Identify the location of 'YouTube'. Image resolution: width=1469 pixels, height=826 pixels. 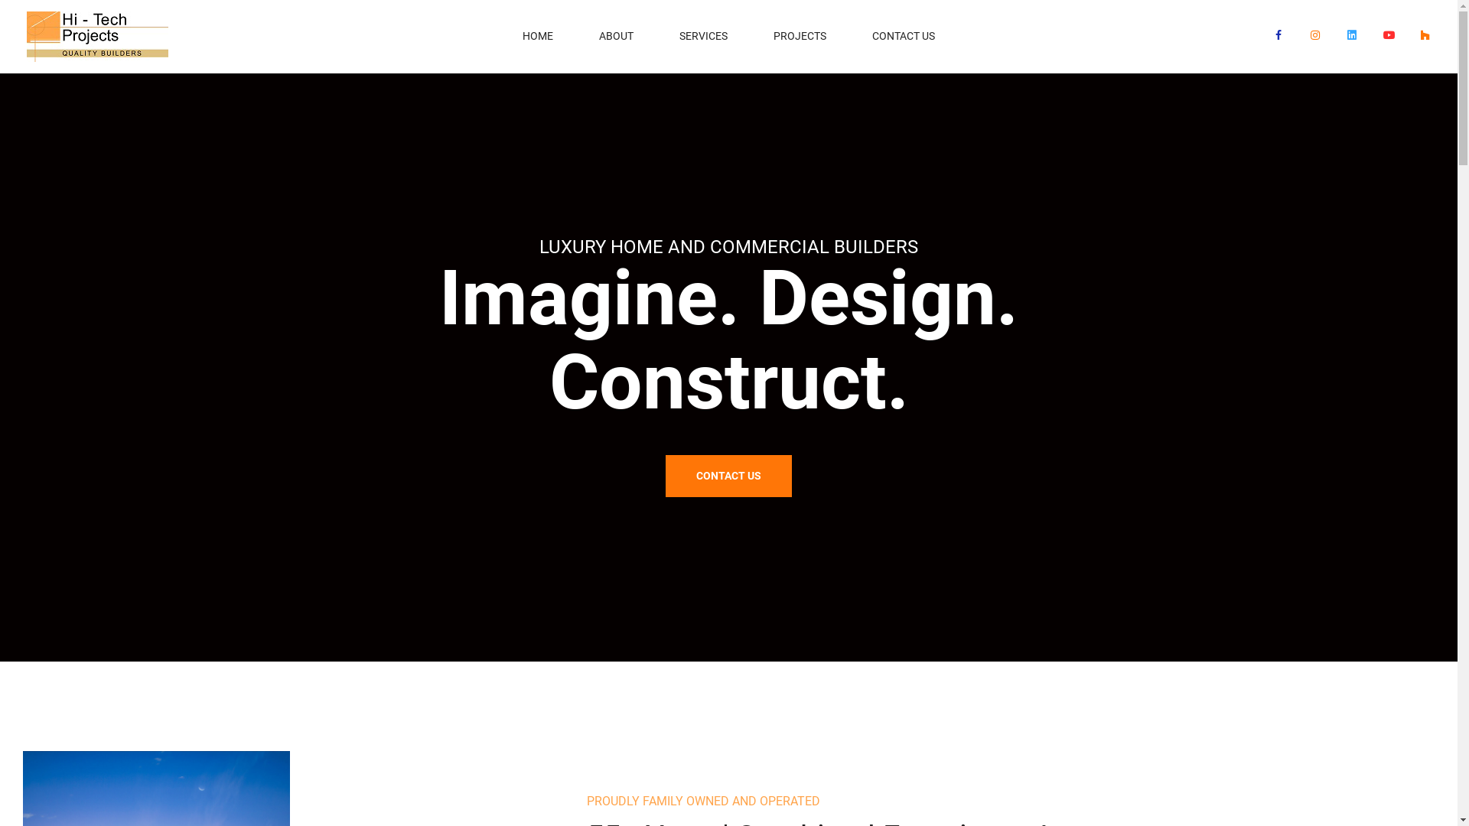
(1388, 34).